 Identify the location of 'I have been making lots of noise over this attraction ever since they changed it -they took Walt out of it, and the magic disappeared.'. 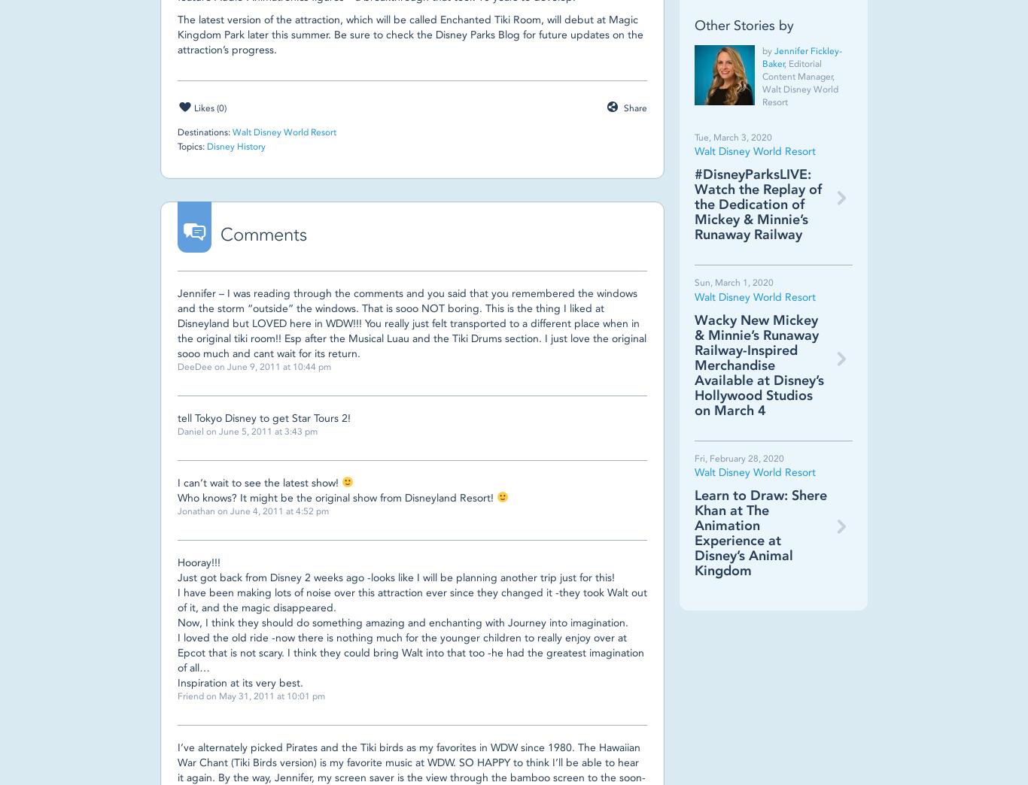
(412, 599).